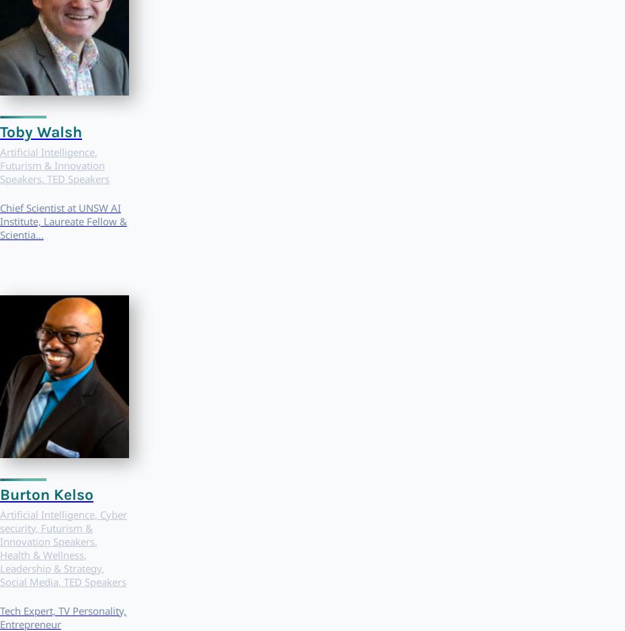 The width and height of the screenshot is (625, 631). What do you see at coordinates (63, 520) in the screenshot?
I see `'Cyber security'` at bounding box center [63, 520].